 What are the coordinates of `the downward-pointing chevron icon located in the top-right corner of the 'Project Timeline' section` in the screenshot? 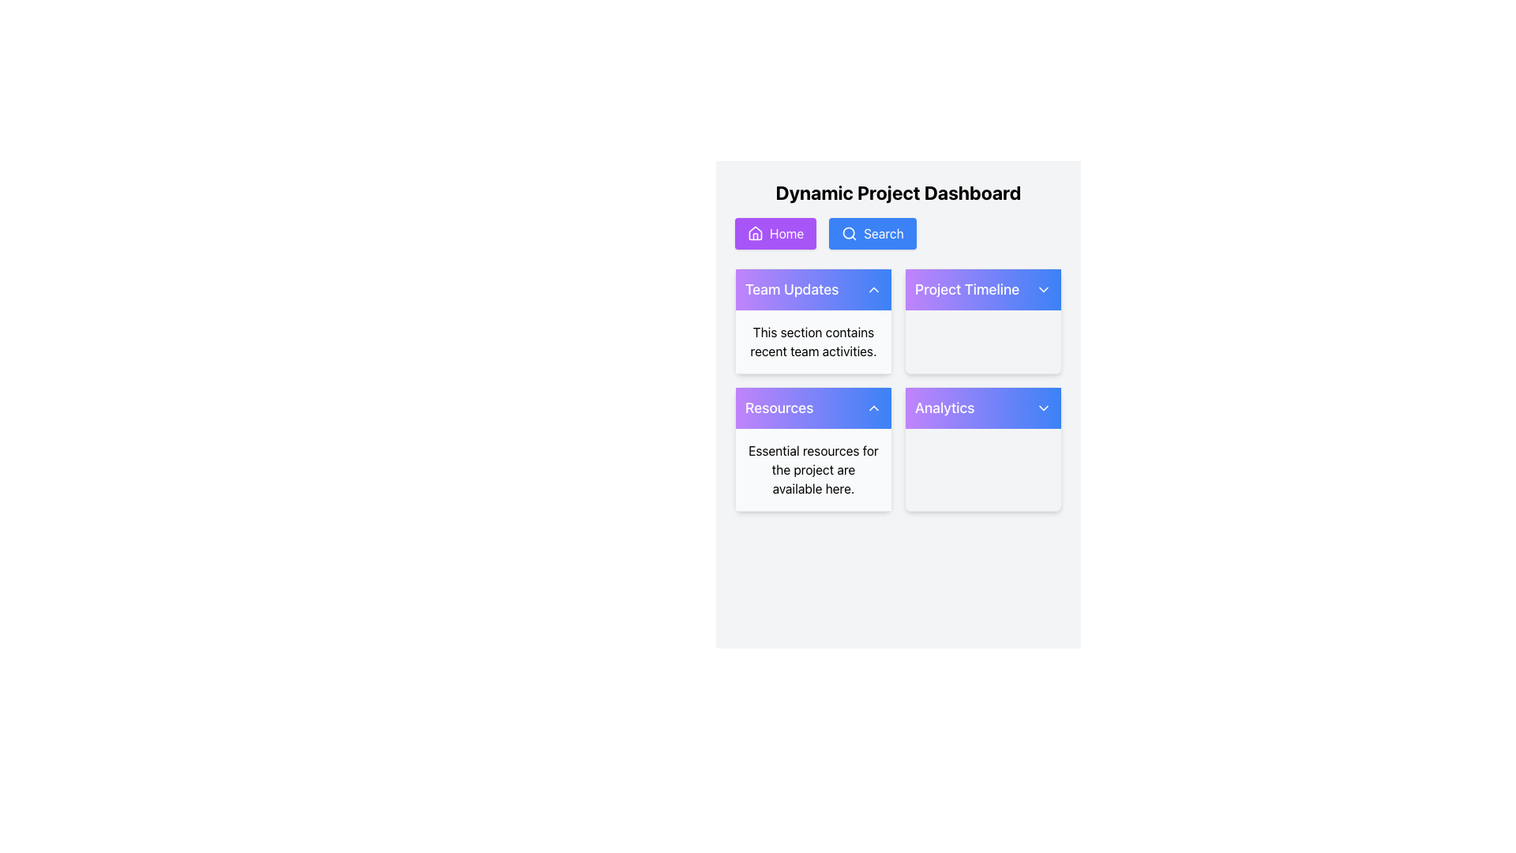 It's located at (1043, 289).